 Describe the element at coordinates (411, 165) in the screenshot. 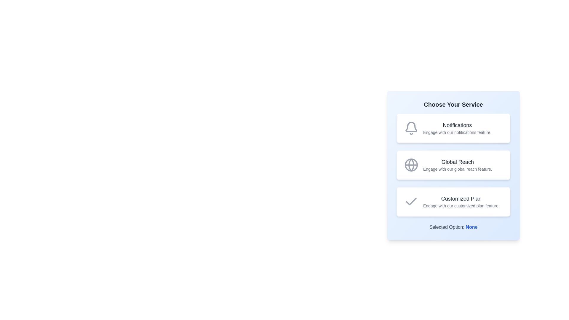

I see `the vertical elliptical line representing a meridian within the globe in the 'Global Reach' service option` at that location.